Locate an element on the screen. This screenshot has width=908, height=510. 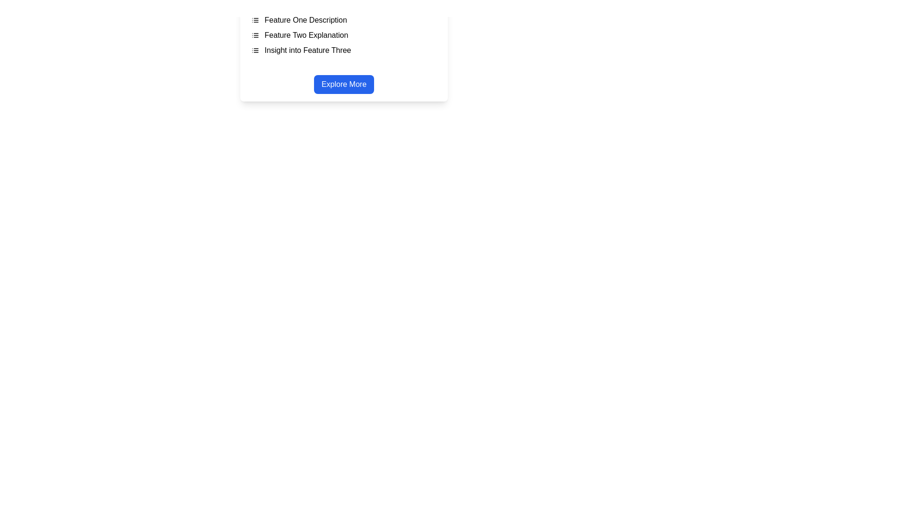
the text label displaying 'Feature One Description', which is the first item in a vertical list at the top of a box, located directly to the right of a small list indicator icon is located at coordinates (306, 20).